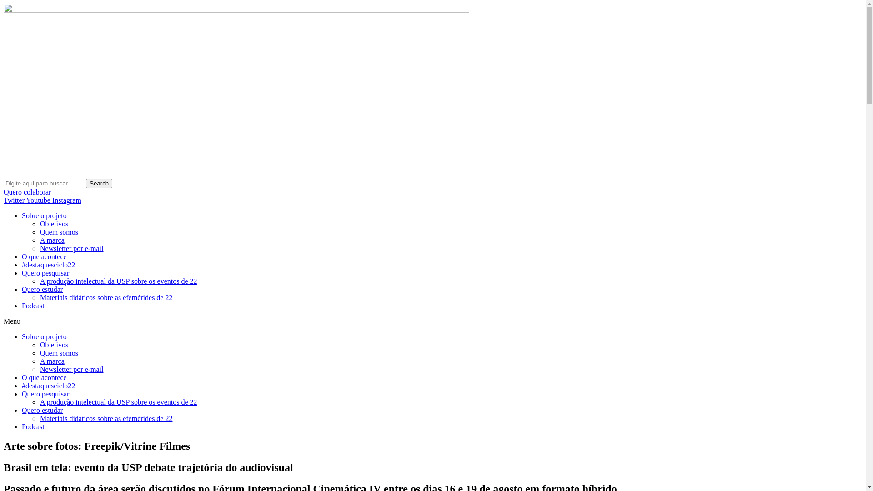 The image size is (873, 491). What do you see at coordinates (44, 215) in the screenshot?
I see `'Sobre o projeto'` at bounding box center [44, 215].